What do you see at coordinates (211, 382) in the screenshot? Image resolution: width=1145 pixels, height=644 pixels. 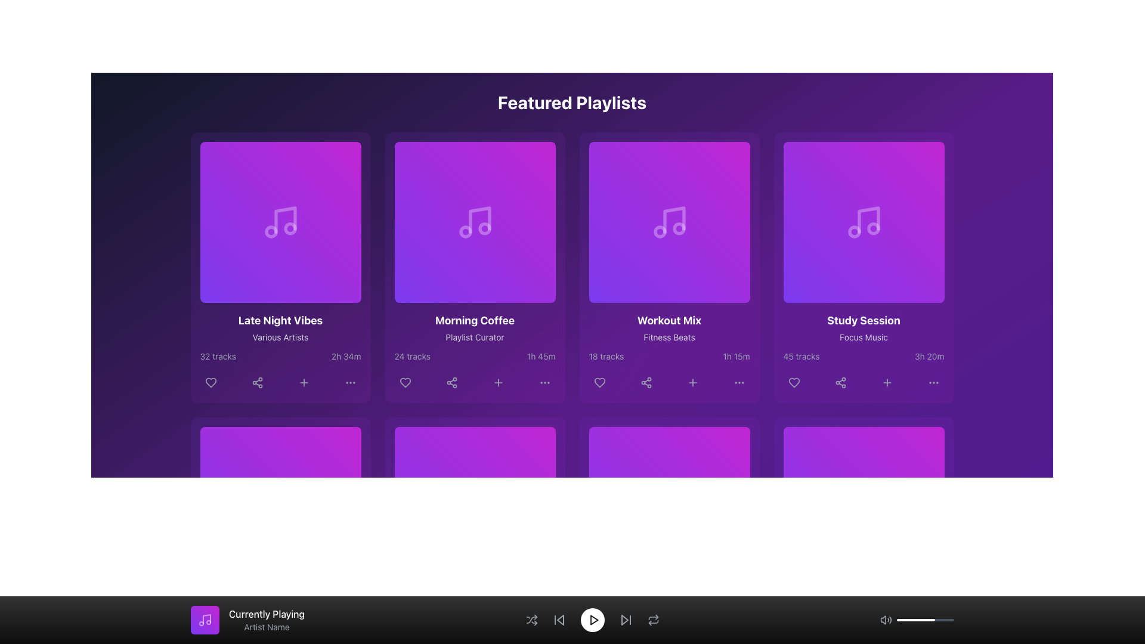 I see `the heart-shaped icon button located at the bottom-left corner of the 'Late Night Vibes' playlist card to favorite or unfavorite the playlist` at bounding box center [211, 382].